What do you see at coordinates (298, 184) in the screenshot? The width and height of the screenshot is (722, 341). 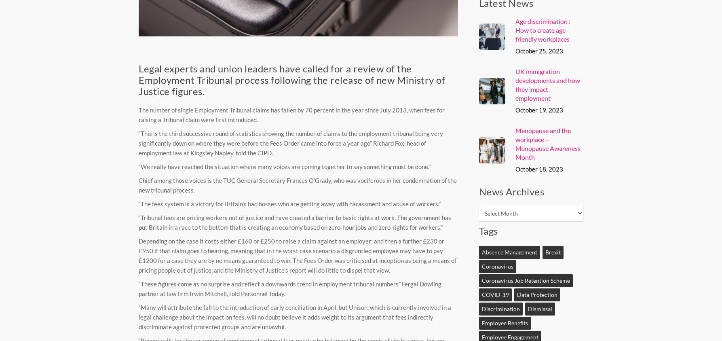 I see `'Chief among those voices is the TUC General Secretary Frances O’Grady, who was vociferous in her condemnation of the new tribunal process.'` at bounding box center [298, 184].